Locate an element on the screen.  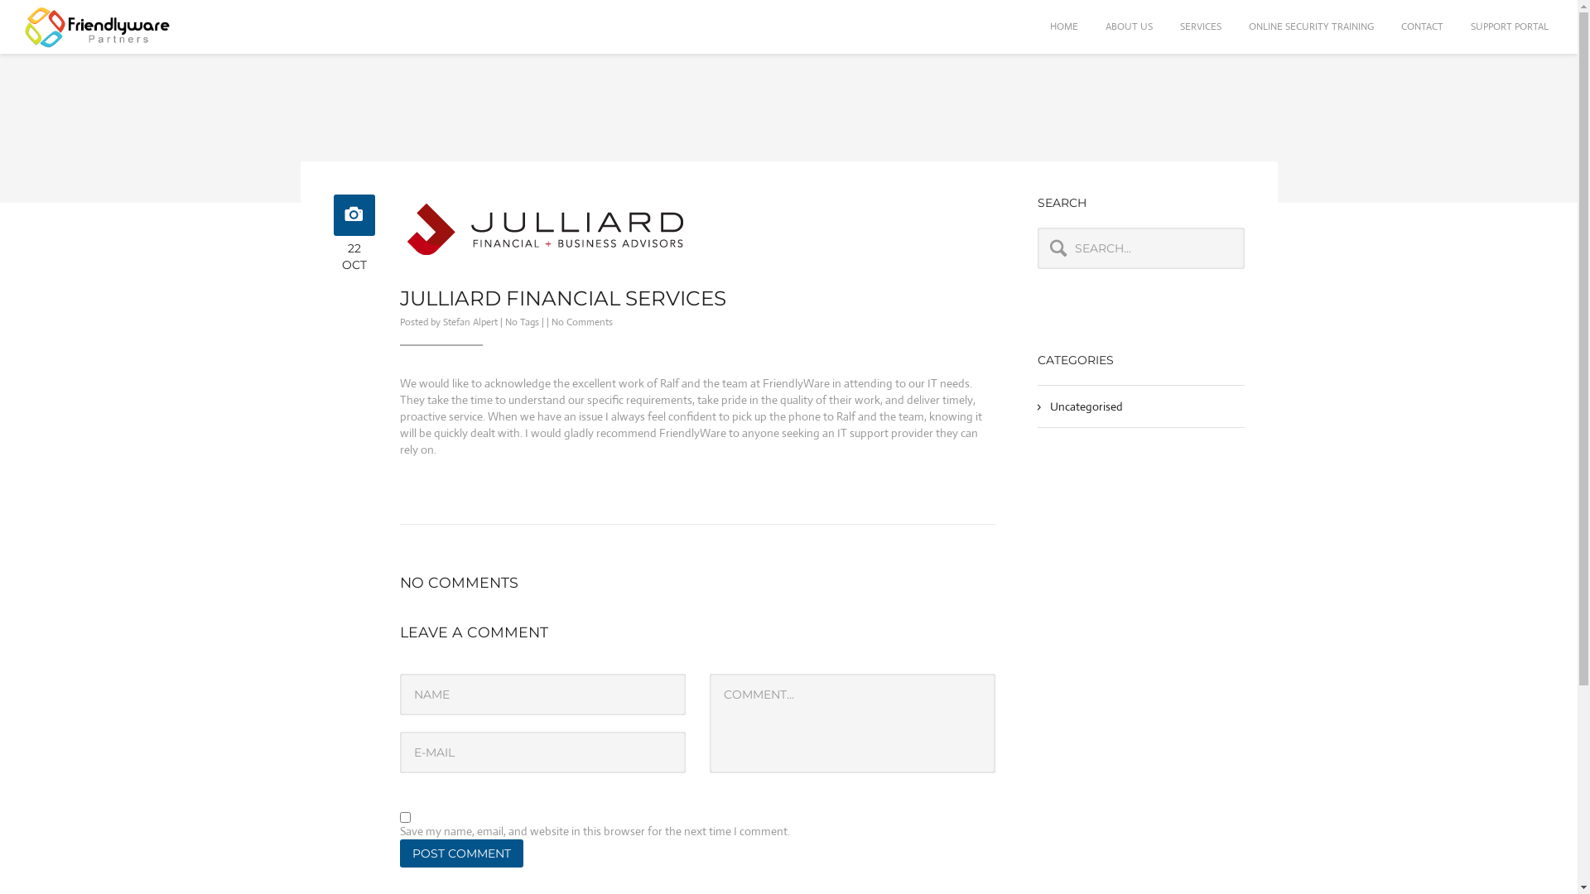
'Post Comment' is located at coordinates (398, 853).